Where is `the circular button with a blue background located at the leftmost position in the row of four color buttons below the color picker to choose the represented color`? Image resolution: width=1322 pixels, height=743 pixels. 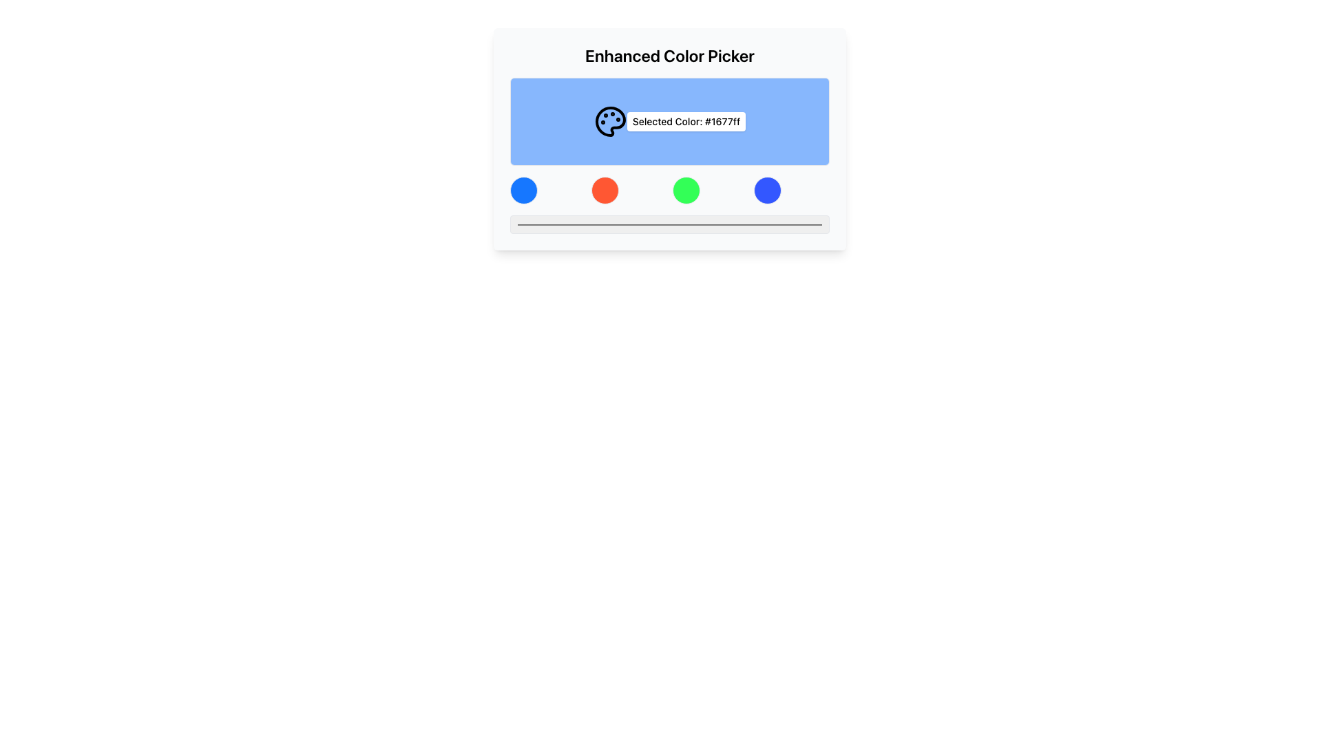 the circular button with a blue background located at the leftmost position in the row of four color buttons below the color picker to choose the represented color is located at coordinates (523, 191).